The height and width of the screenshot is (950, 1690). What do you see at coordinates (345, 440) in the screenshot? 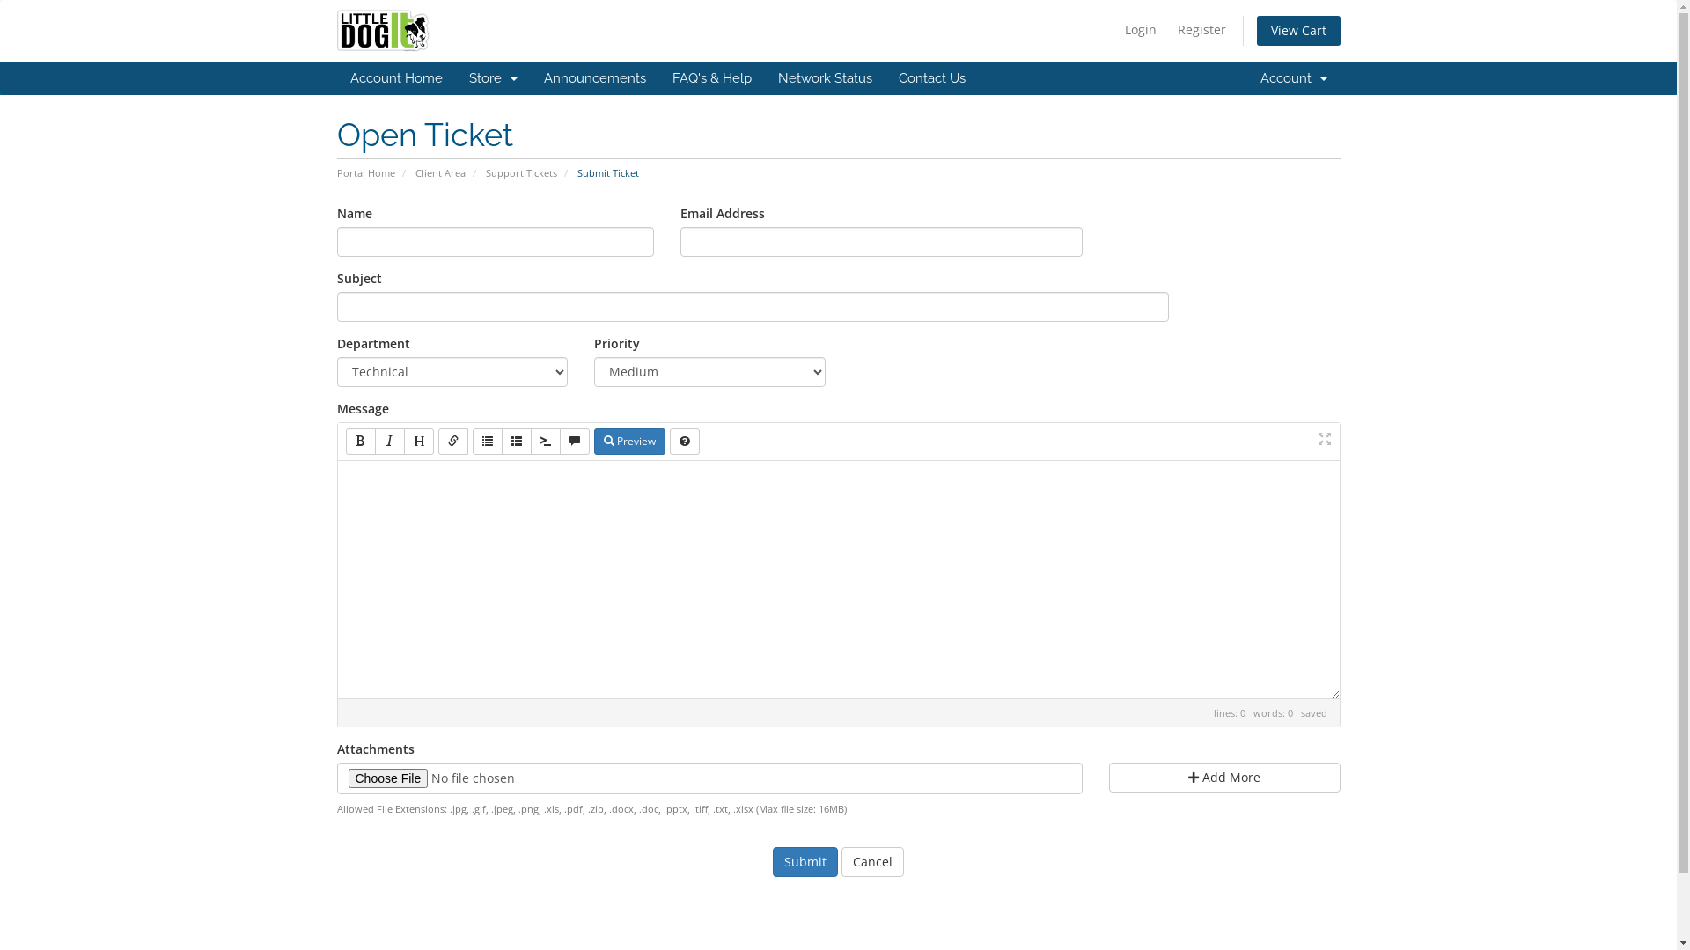
I see `'Bold'` at bounding box center [345, 440].